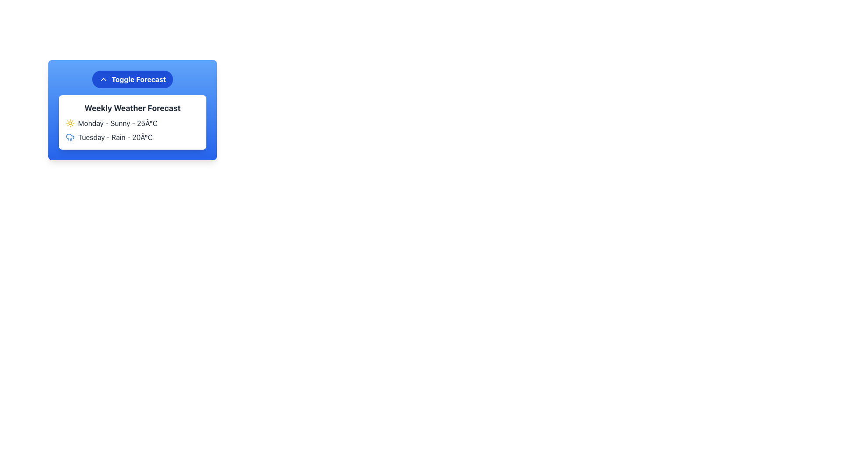 Image resolution: width=843 pixels, height=474 pixels. I want to click on the weather forecast entry displaying 'Monday - Sunny - 25Â°C', which includes a yellow sun icon and appears first in the list under the 'Weekly Weather Forecast' section, so click(132, 123).